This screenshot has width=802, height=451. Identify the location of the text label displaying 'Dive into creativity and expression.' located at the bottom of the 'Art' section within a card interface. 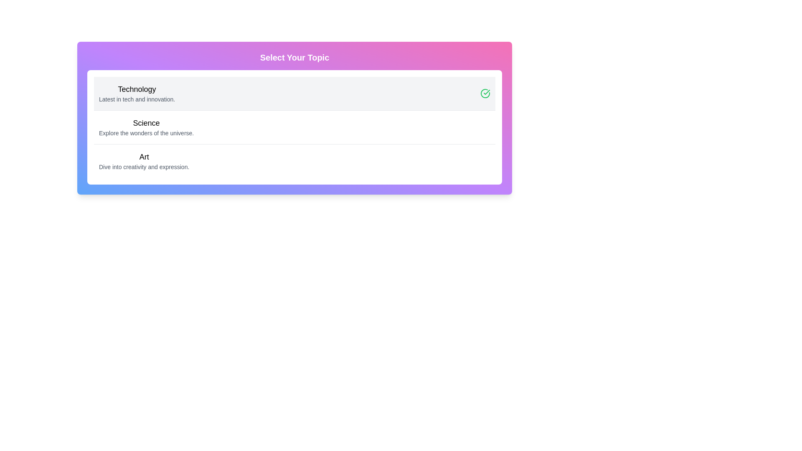
(144, 167).